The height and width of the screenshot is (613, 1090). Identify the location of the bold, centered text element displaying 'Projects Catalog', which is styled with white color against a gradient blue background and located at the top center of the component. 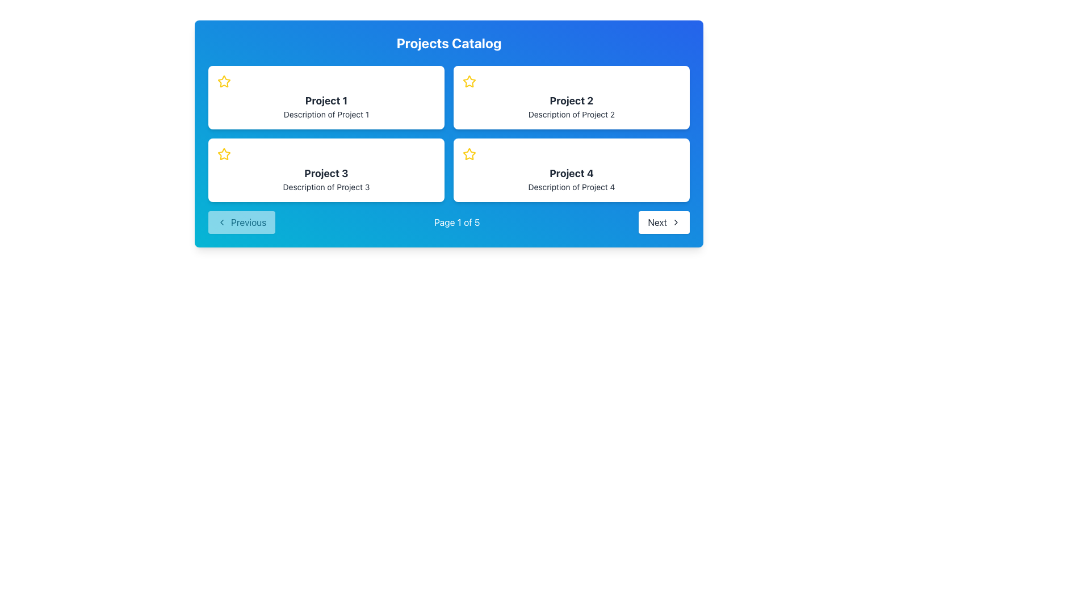
(448, 43).